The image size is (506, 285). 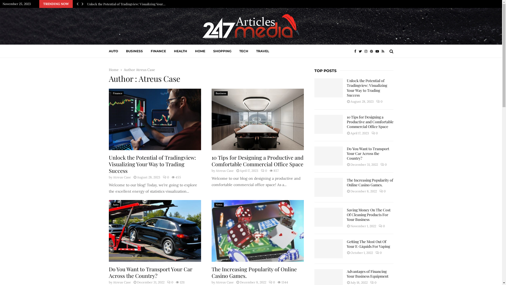 What do you see at coordinates (253, 282) in the screenshot?
I see `'December 8, 2022'` at bounding box center [253, 282].